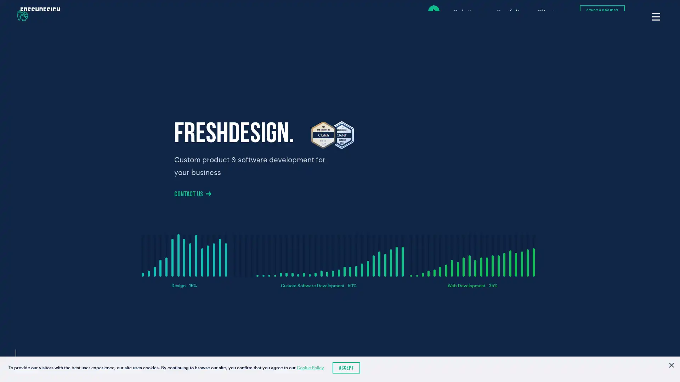 This screenshot has height=382, width=680. What do you see at coordinates (346, 367) in the screenshot?
I see `Accept` at bounding box center [346, 367].